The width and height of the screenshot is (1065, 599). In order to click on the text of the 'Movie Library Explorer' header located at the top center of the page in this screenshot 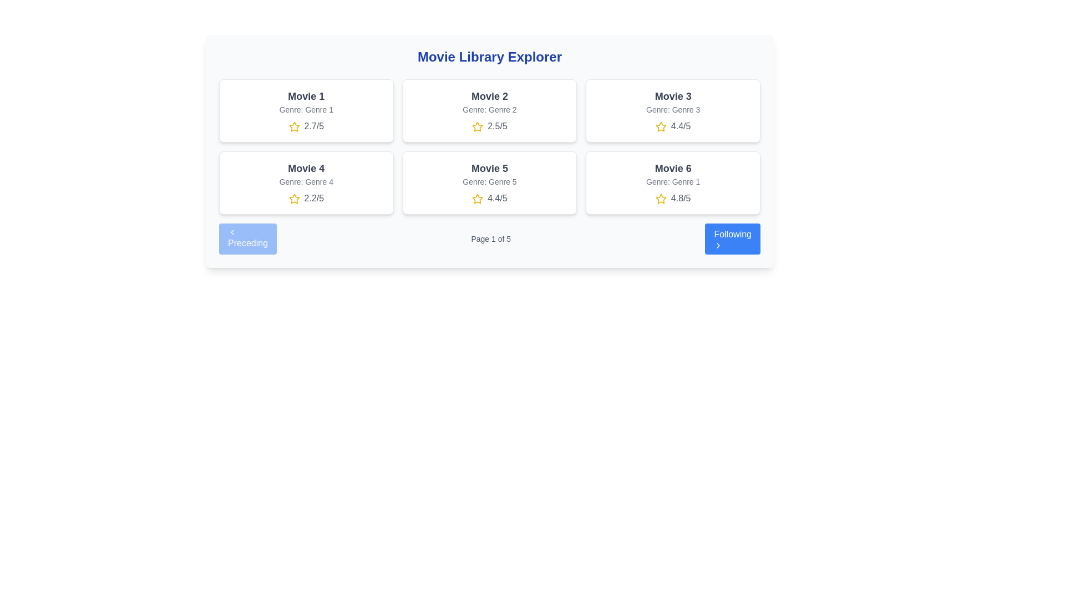, I will do `click(489, 57)`.